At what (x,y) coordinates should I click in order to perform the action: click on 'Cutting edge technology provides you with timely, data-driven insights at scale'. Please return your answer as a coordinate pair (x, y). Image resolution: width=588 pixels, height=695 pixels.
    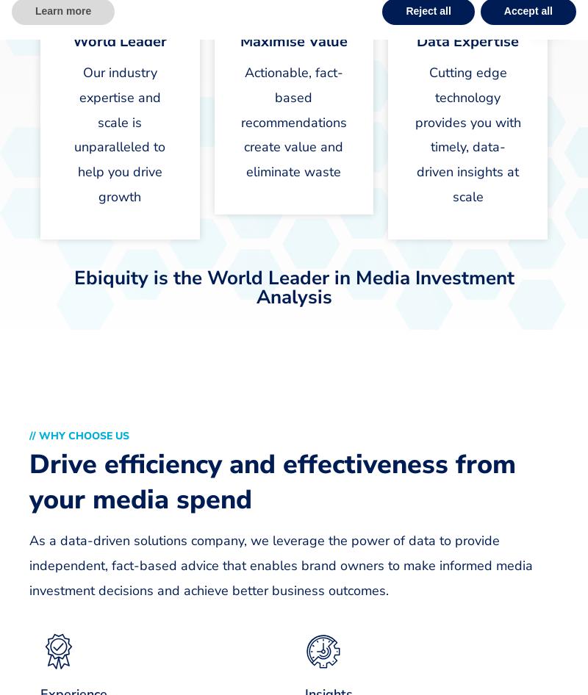
    Looking at the image, I should click on (467, 134).